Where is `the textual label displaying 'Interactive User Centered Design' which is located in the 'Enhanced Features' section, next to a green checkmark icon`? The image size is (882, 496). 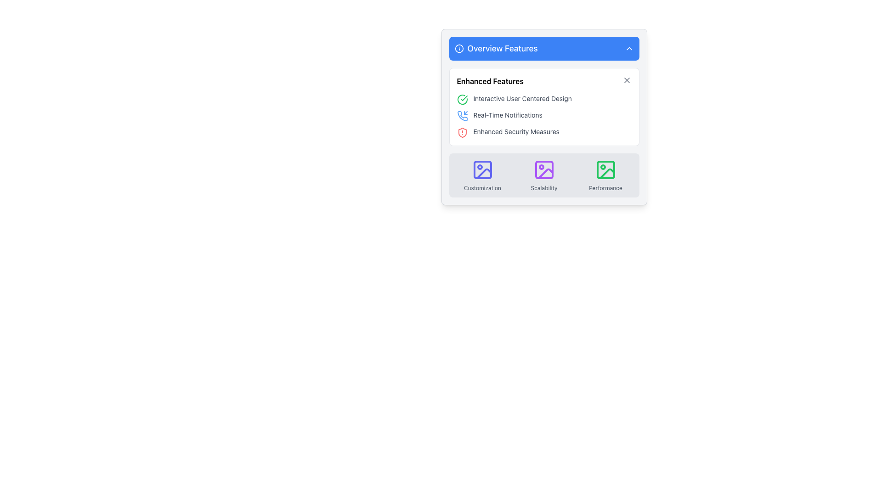
the textual label displaying 'Interactive User Centered Design' which is located in the 'Enhanced Features' section, next to a green checkmark icon is located at coordinates (522, 99).